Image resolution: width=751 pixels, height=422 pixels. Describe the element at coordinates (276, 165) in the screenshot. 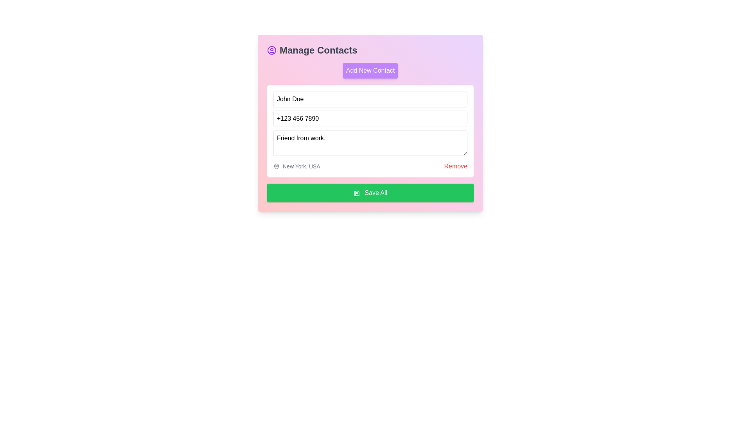

I see `the central element of the map pin icon, which is a teardrop shape with a circular base, located in the contact information section` at that location.